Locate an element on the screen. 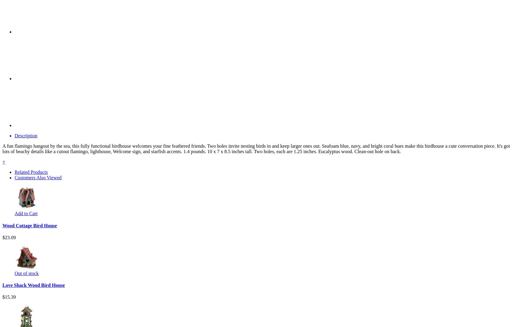 Image resolution: width=516 pixels, height=327 pixels. 'Description' is located at coordinates (25, 136).